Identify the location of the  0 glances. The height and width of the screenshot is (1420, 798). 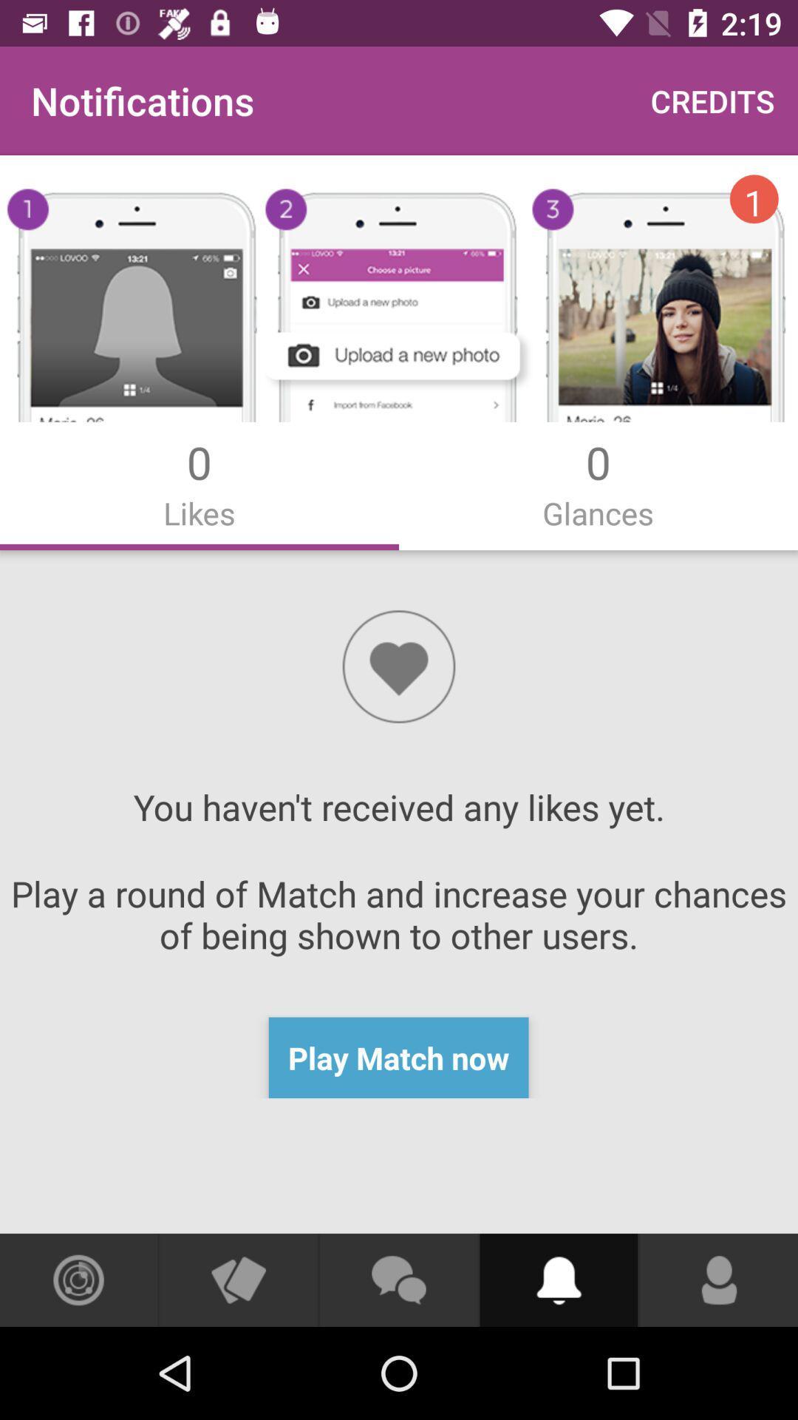
(598, 483).